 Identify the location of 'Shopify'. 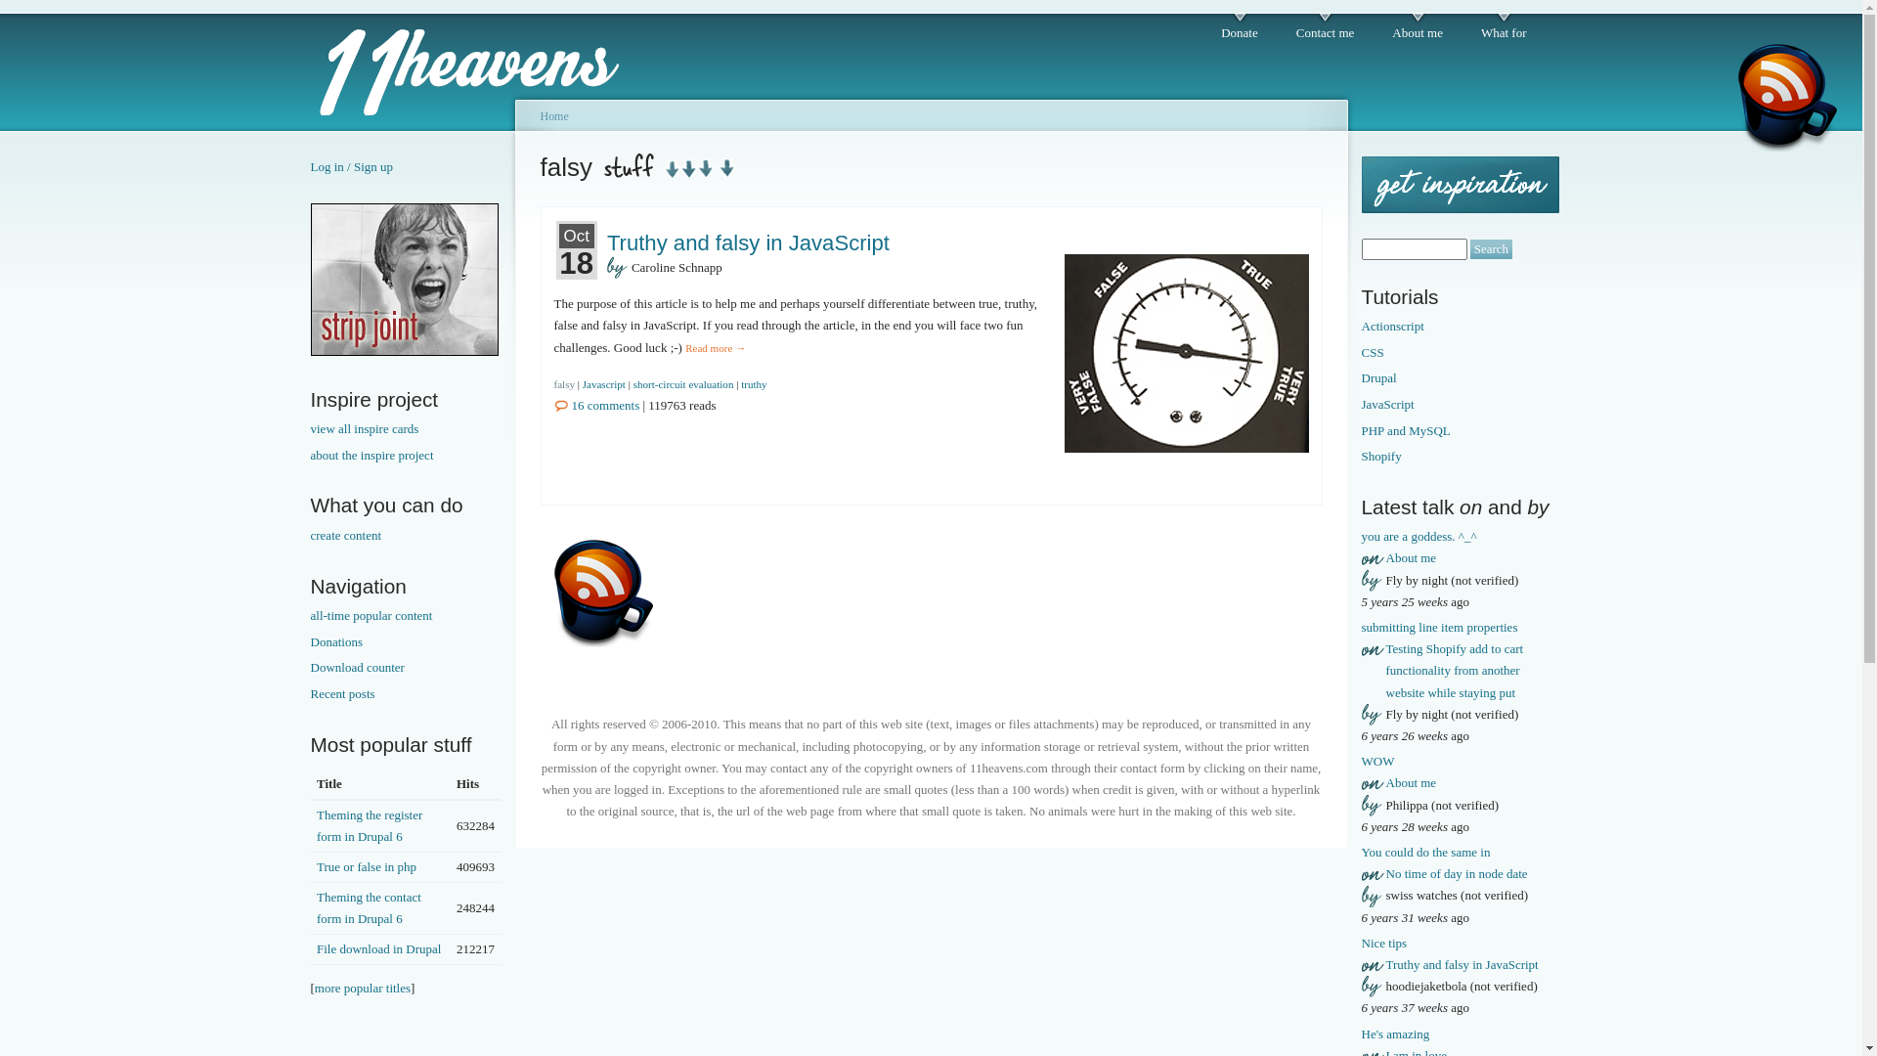
(1456, 456).